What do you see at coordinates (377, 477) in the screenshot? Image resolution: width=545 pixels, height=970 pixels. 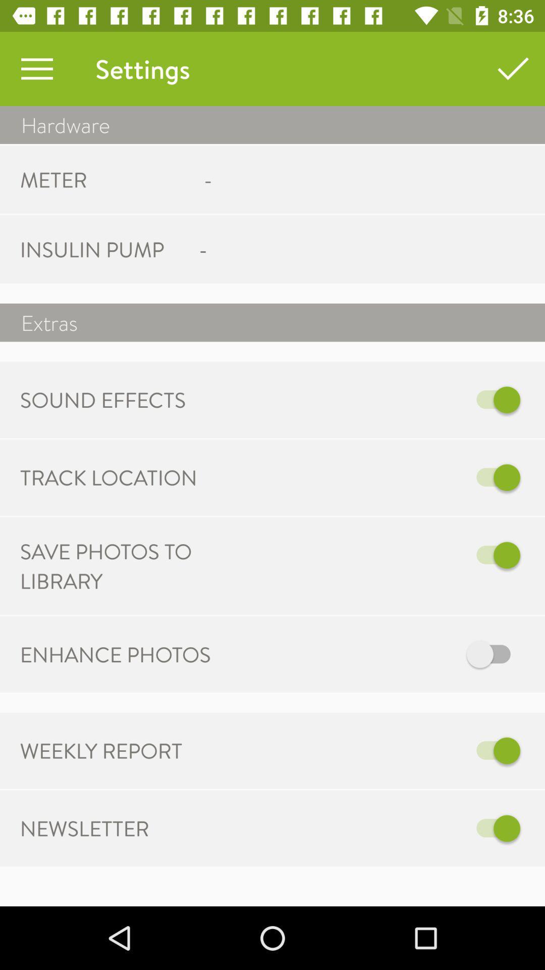 I see `turn off track location` at bounding box center [377, 477].